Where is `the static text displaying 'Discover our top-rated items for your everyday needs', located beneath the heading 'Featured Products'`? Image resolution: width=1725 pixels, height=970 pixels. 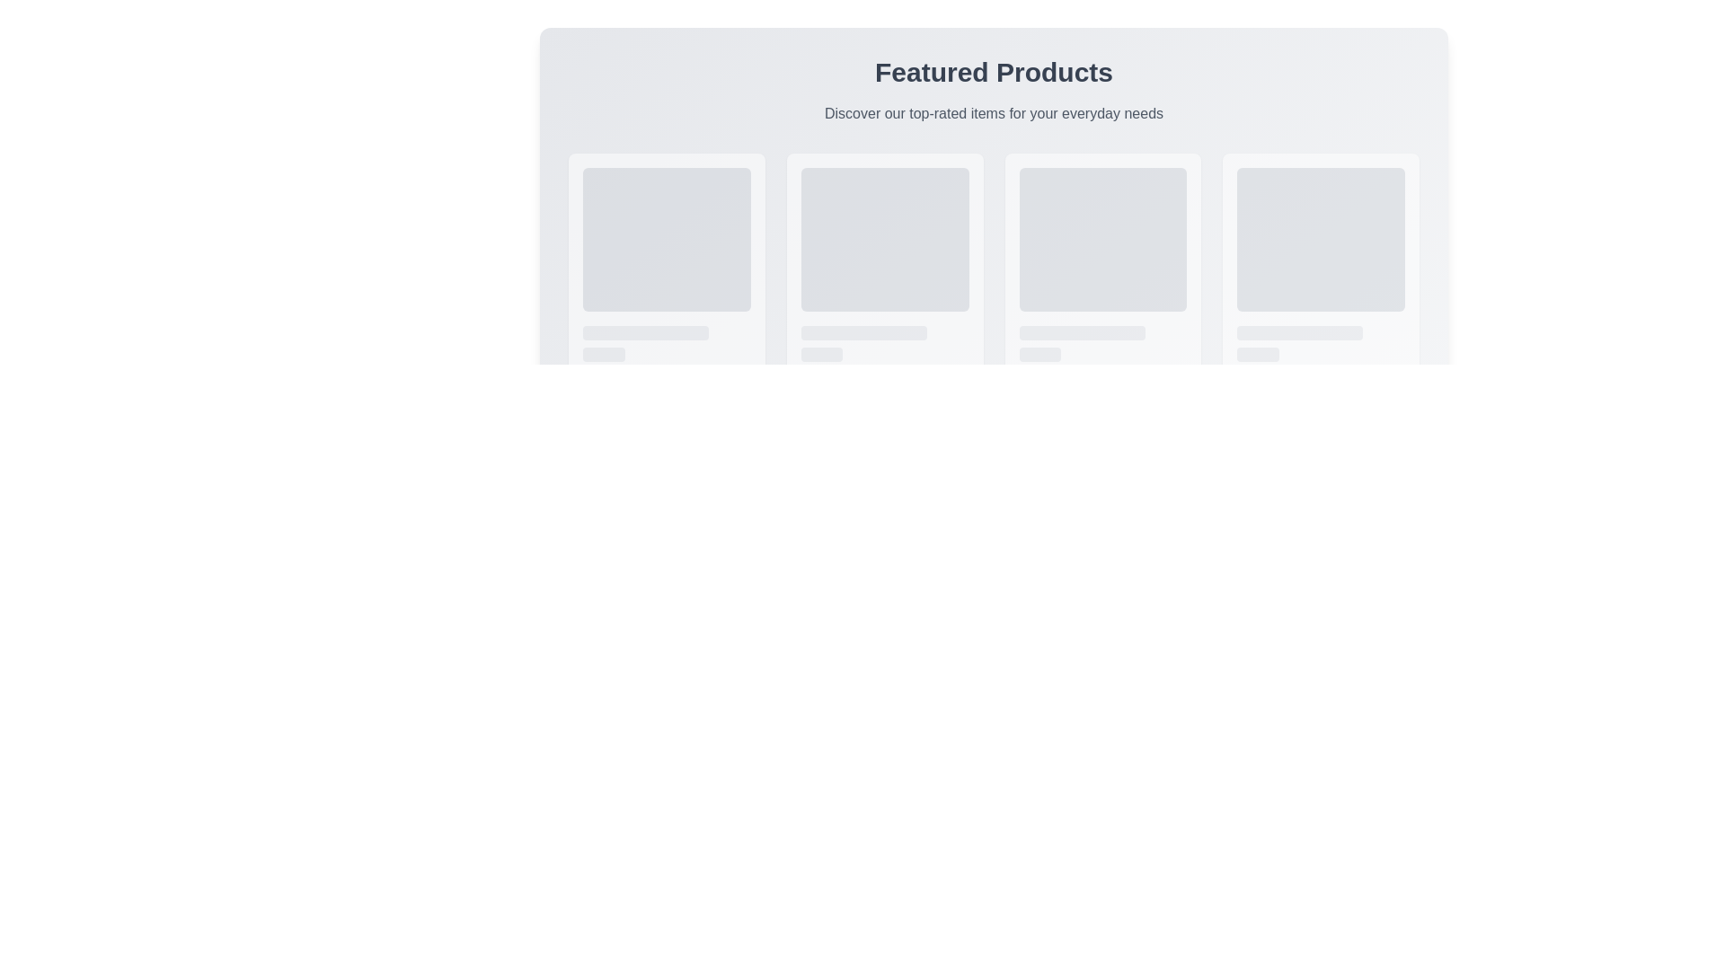
the static text displaying 'Discover our top-rated items for your everyday needs', located beneath the heading 'Featured Products' is located at coordinates (993, 114).